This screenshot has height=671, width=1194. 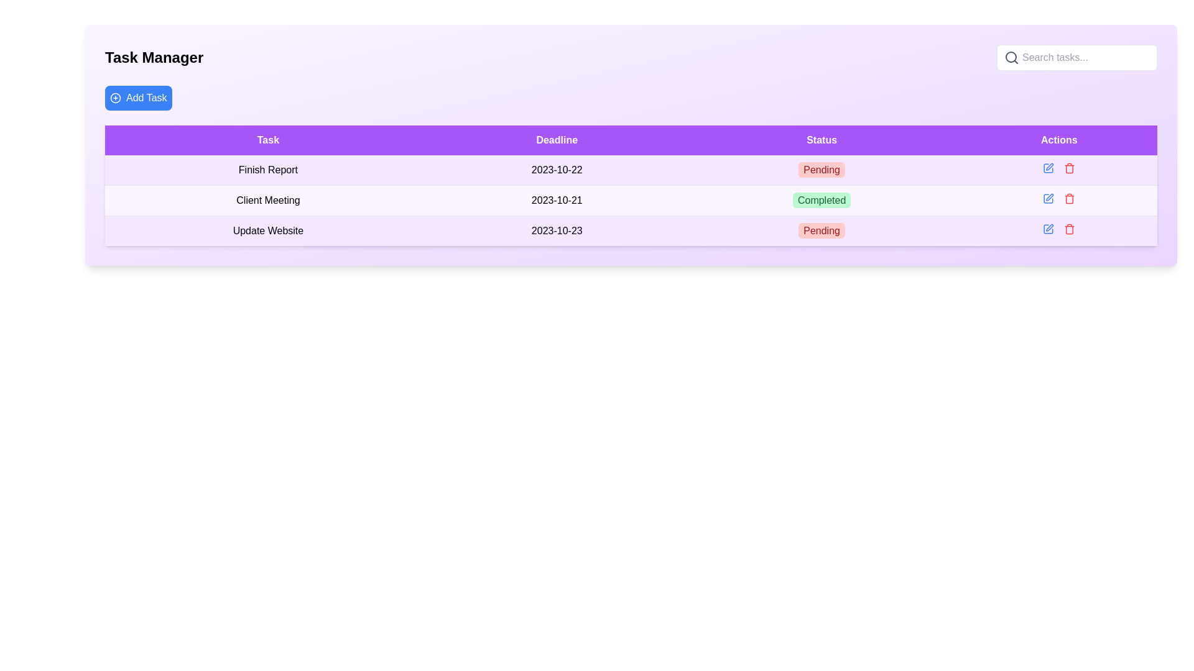 I want to click on the heading element displaying 'Task Manager', which is a bold, large text positioned at the top-left corner of the interface, so click(x=154, y=57).